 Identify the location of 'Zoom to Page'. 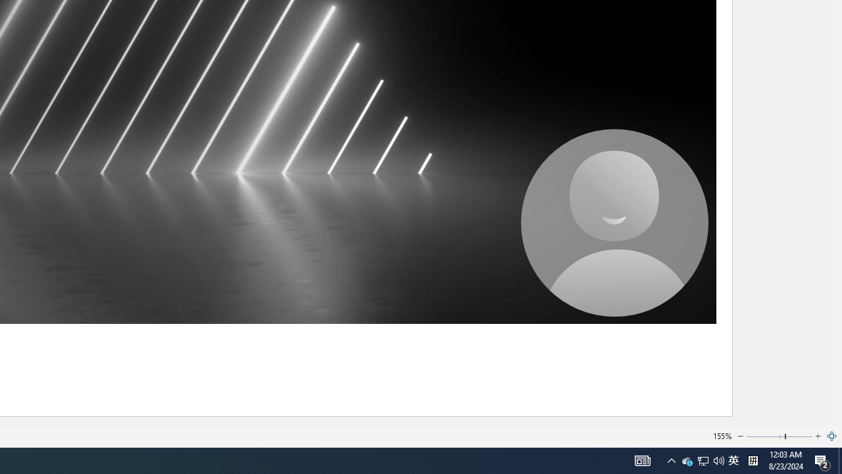
(831, 436).